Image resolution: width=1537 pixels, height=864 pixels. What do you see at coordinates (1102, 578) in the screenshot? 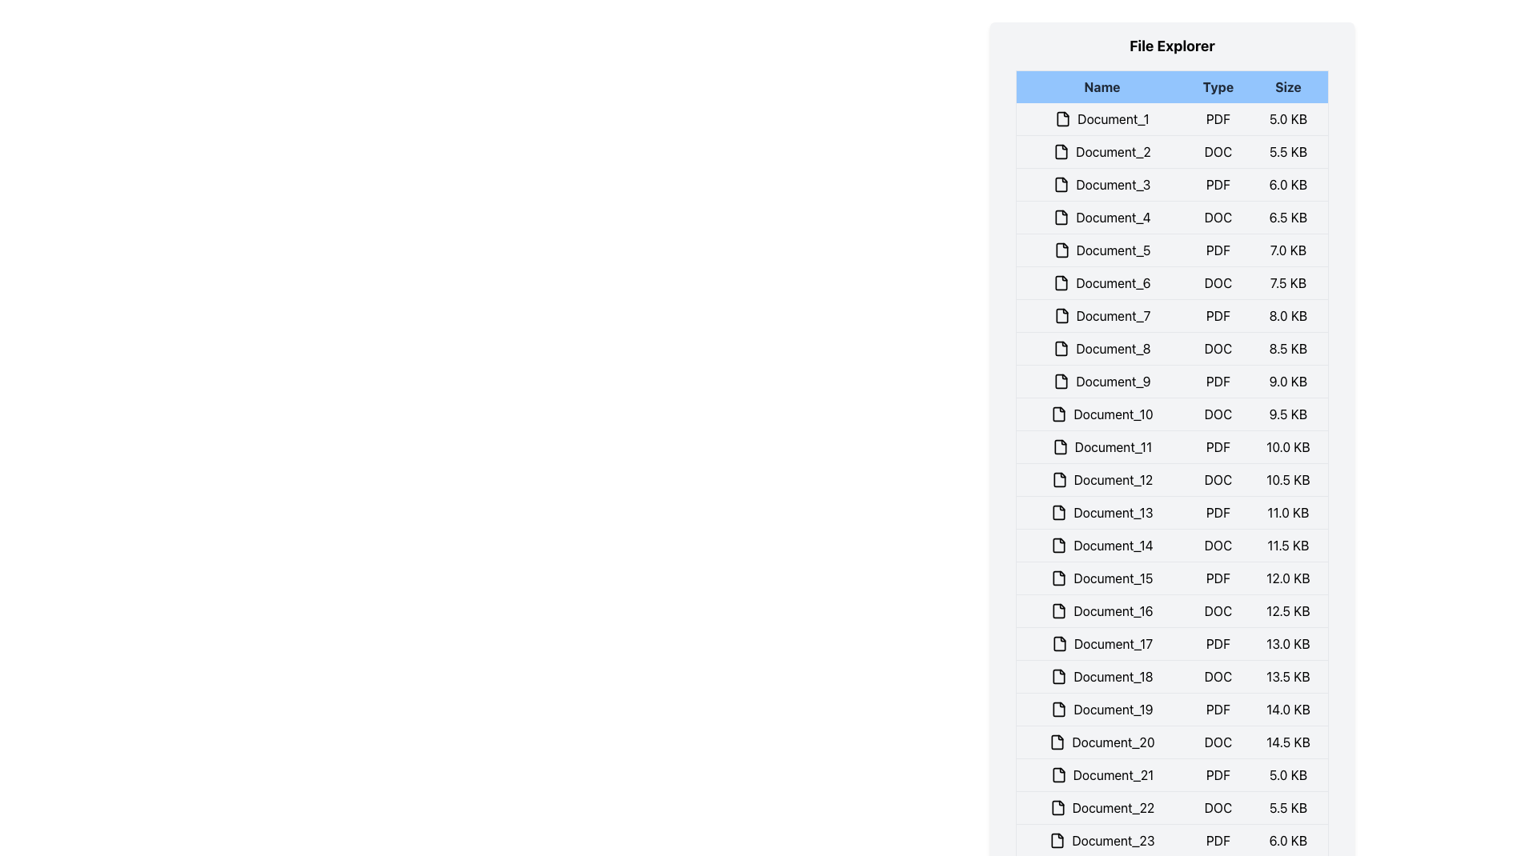
I see `the text label representing 'Document_15' in the File Explorer interface, which is located in the fifteenth row of the document list` at bounding box center [1102, 578].